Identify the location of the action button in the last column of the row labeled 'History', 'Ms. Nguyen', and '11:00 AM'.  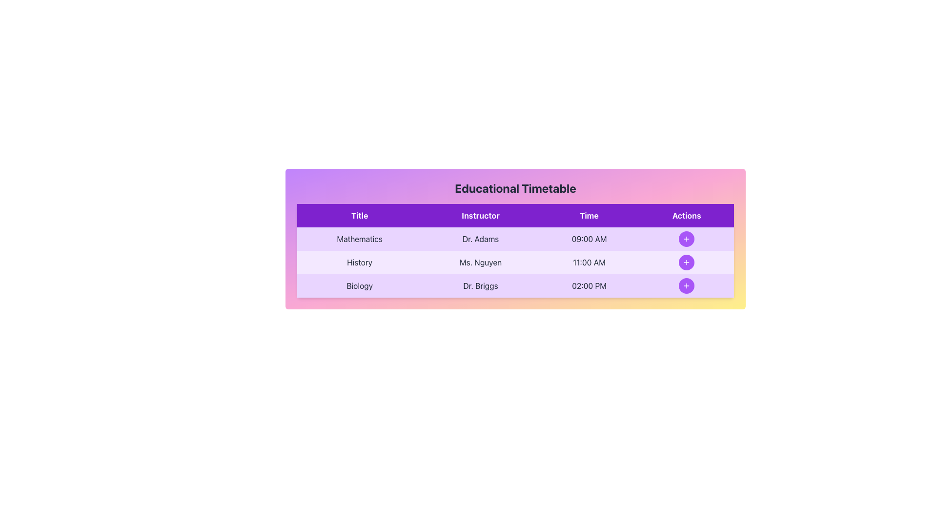
(686, 262).